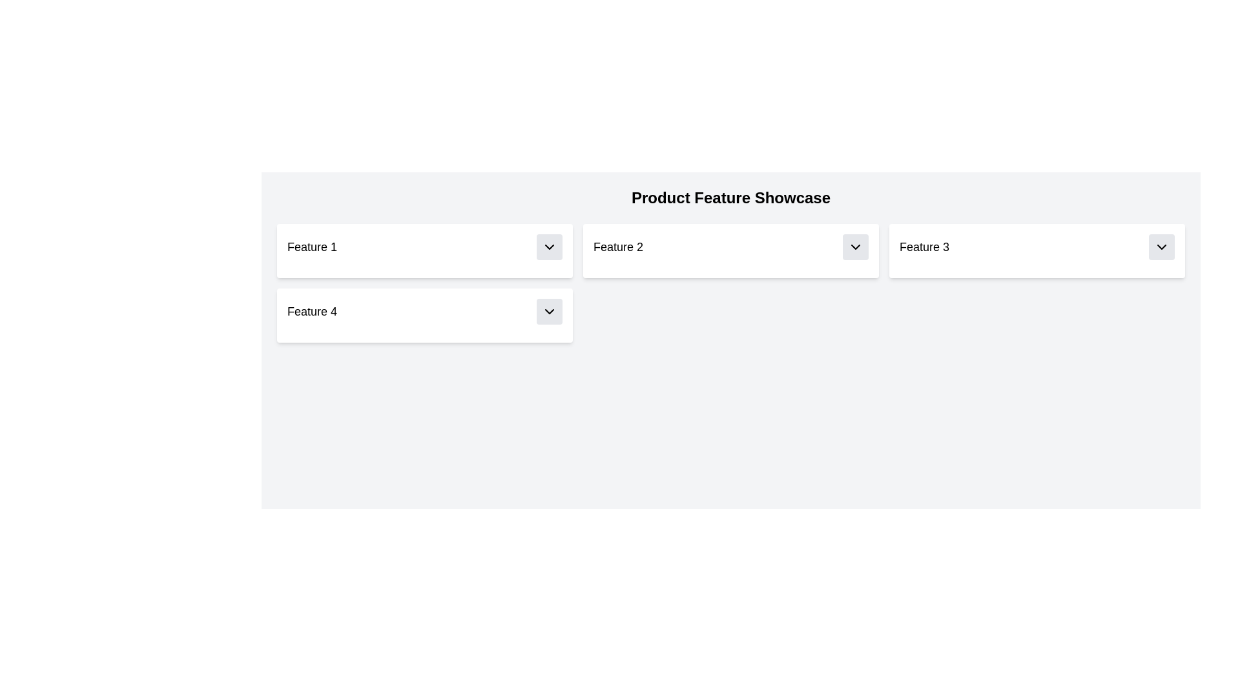 The width and height of the screenshot is (1240, 697). What do you see at coordinates (549, 247) in the screenshot?
I see `the toggle button located to the far right of the heading labeled 'Feature 1'` at bounding box center [549, 247].